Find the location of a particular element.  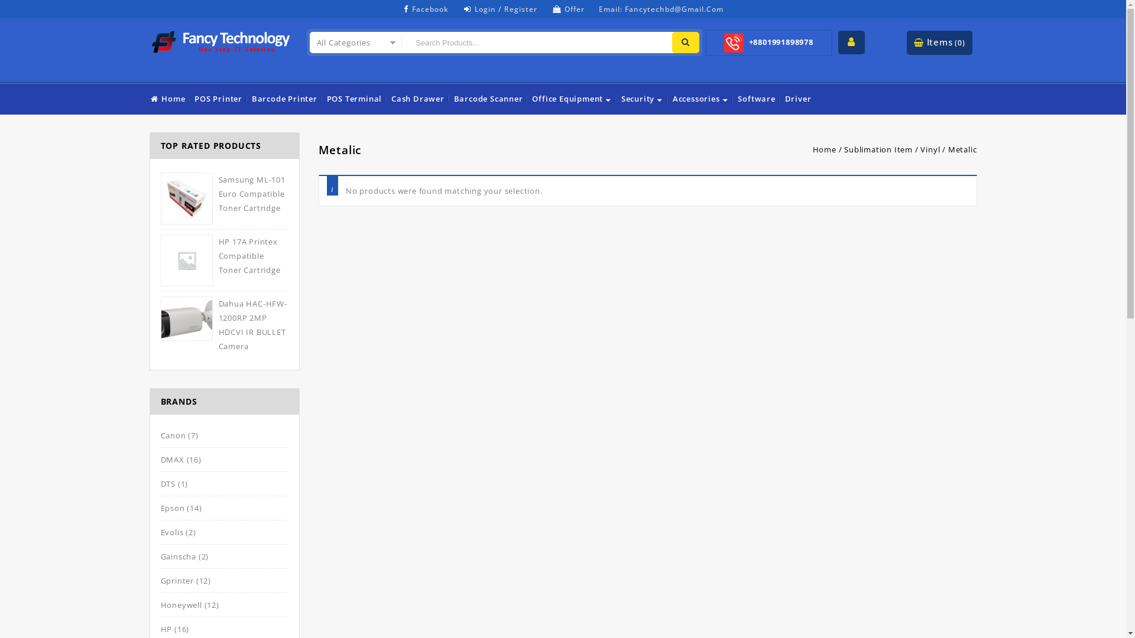

'Fancy Technology| Best Computer Shop in Dhaka, Bangladesh' is located at coordinates (220, 38).